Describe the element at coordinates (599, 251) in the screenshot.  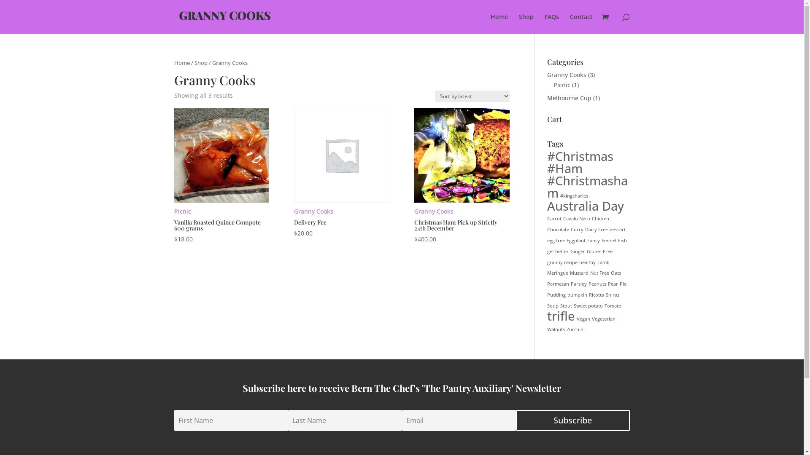
I see `'Gluten Free'` at that location.